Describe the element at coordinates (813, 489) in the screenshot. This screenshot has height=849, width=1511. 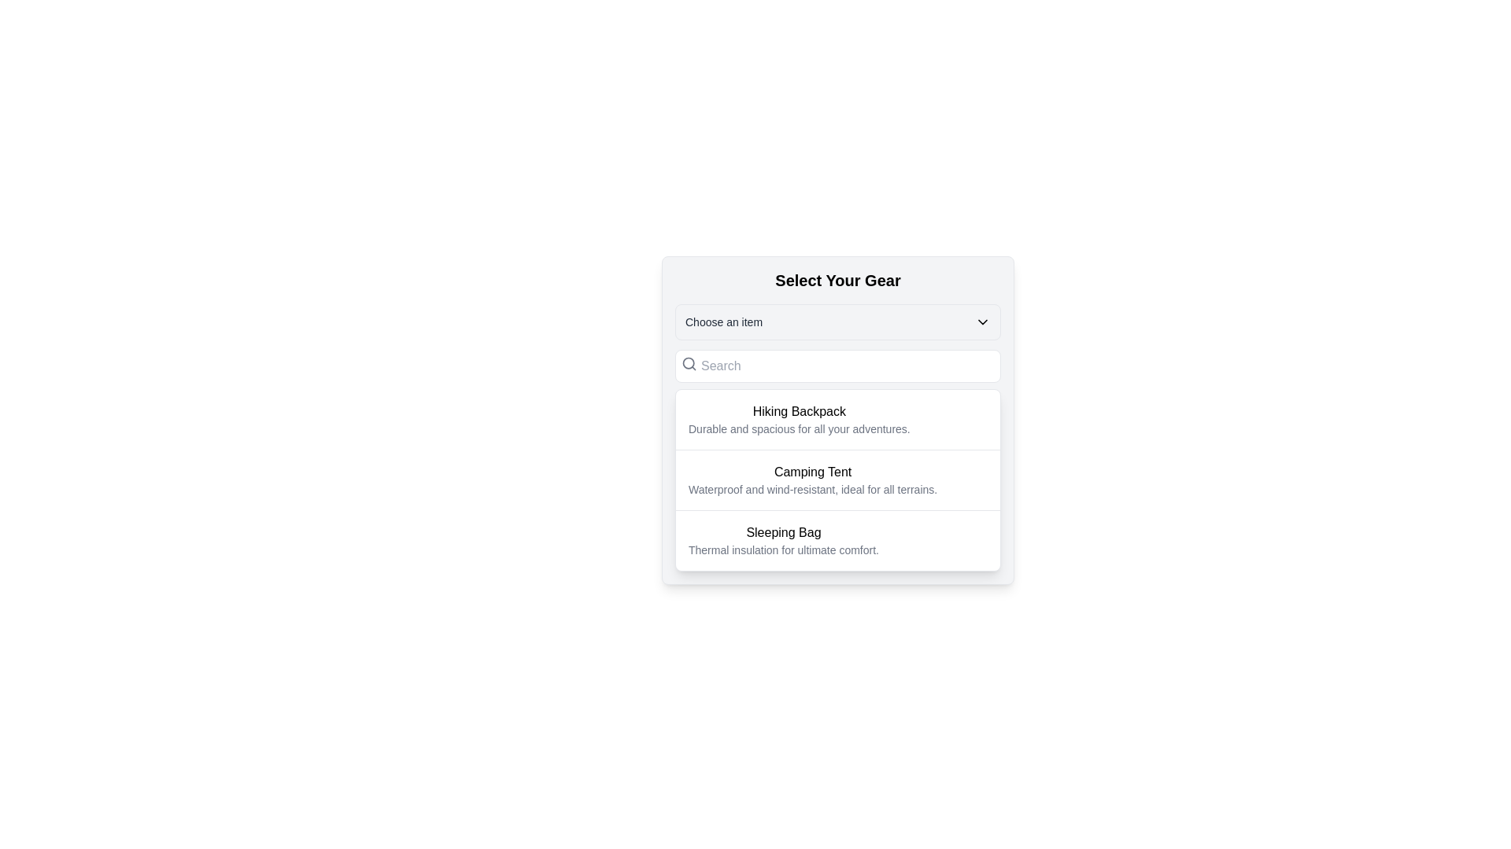
I see `text label displaying 'Waterproof and wind-resistant, ideal for all terrains.' associated with the 'Camping Tent' item, located below the title in the second item of the list` at that location.